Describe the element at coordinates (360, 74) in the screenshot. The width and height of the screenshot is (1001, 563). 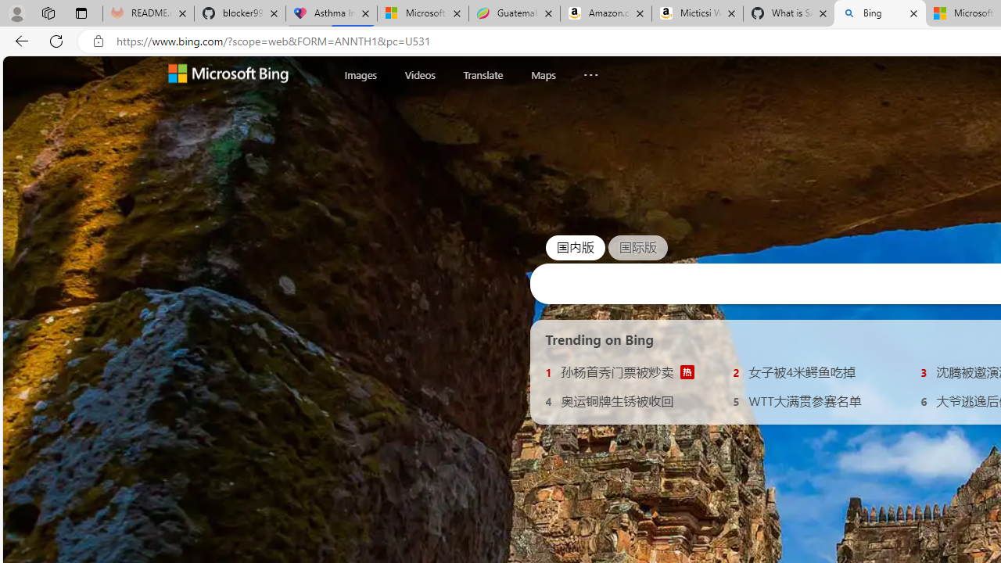
I see `'Images'` at that location.